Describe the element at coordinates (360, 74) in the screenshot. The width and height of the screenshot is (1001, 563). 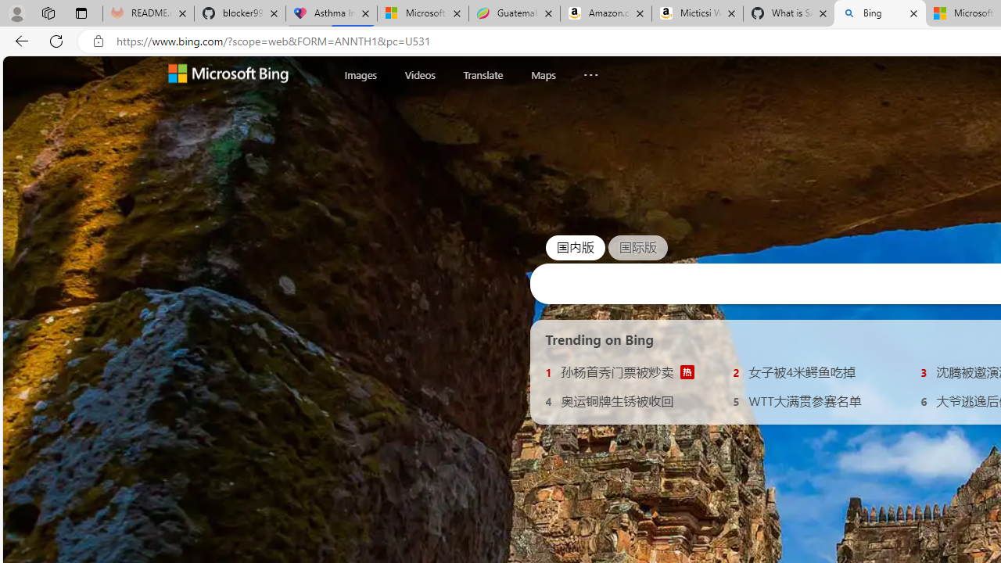
I see `'Images'` at that location.